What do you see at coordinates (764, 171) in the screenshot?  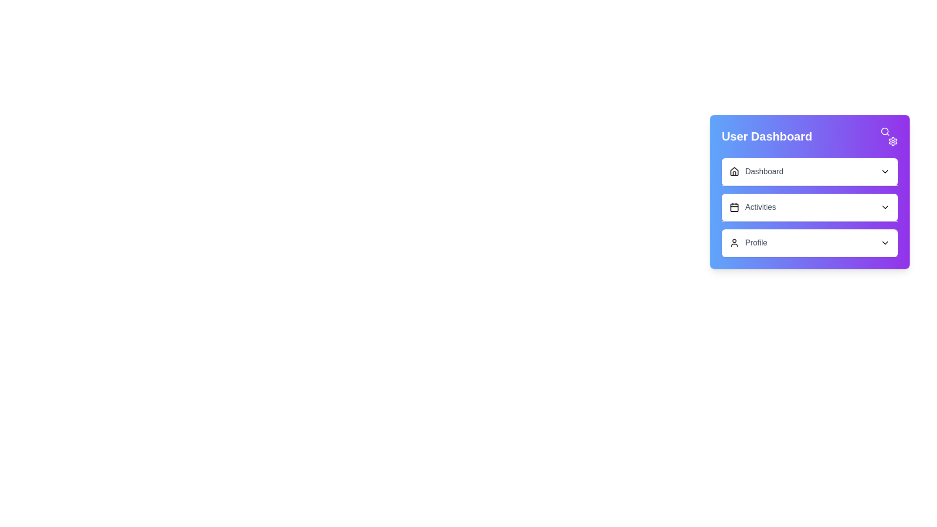 I see `text label indicating the function of navigating to the dashboard section of the application, located to the right of the house icon in the first navigation option under 'User Dashboard'` at bounding box center [764, 171].